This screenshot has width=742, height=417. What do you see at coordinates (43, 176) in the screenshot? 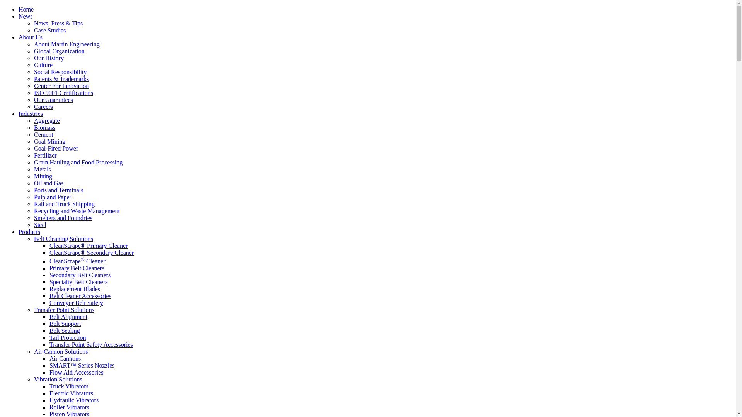
I see `'Mining'` at bounding box center [43, 176].